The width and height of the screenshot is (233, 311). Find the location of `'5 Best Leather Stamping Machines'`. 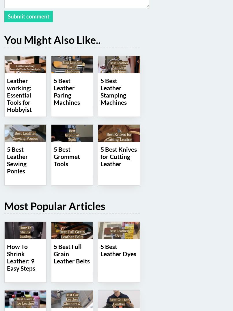

'5 Best Leather Stamping Machines' is located at coordinates (113, 91).